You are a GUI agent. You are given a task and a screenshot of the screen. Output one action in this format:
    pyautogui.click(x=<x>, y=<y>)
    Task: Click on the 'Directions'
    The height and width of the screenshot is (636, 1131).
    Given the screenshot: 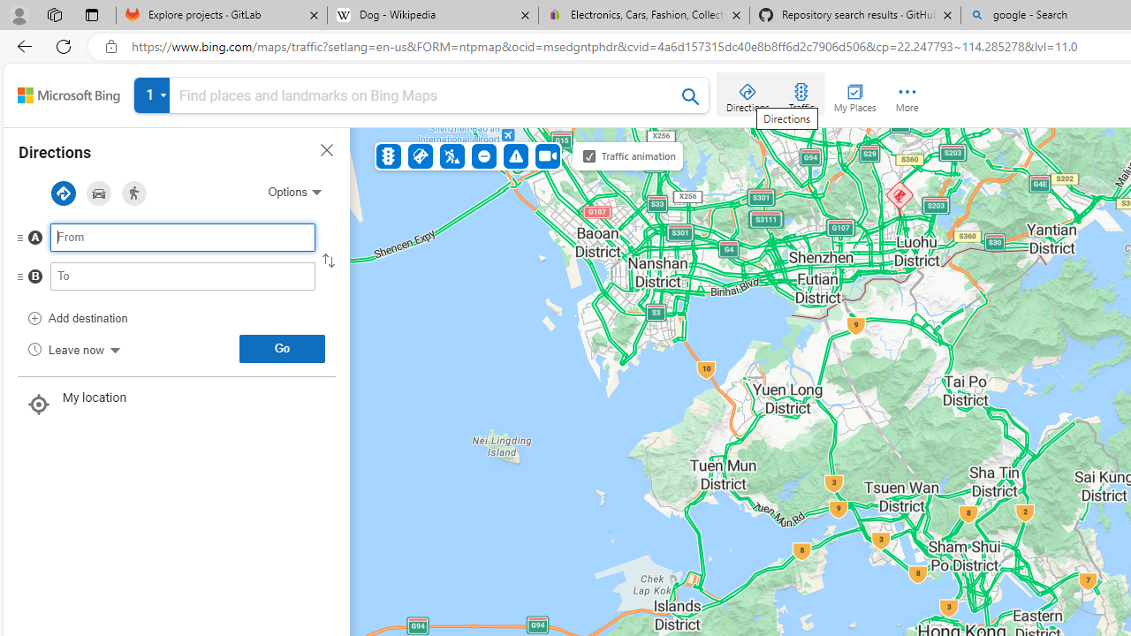 What is the action you would take?
    pyautogui.click(x=748, y=94)
    